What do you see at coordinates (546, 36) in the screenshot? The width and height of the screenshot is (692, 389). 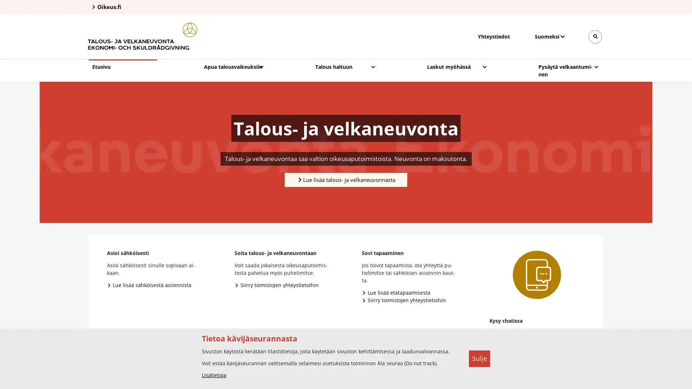 I see `Valitse kieli, Valj sprak, Select language` at bounding box center [546, 36].